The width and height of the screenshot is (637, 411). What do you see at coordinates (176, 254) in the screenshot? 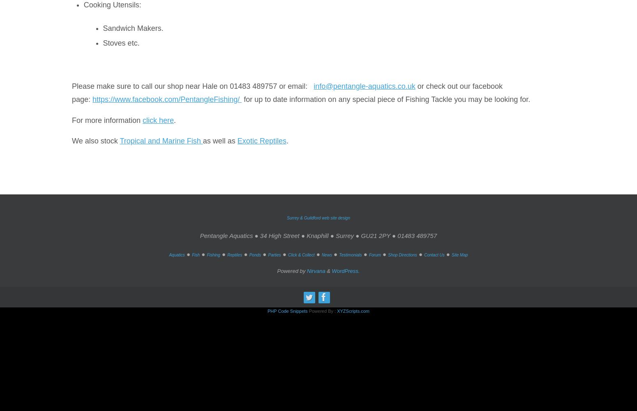
I see `'Aquatics'` at bounding box center [176, 254].